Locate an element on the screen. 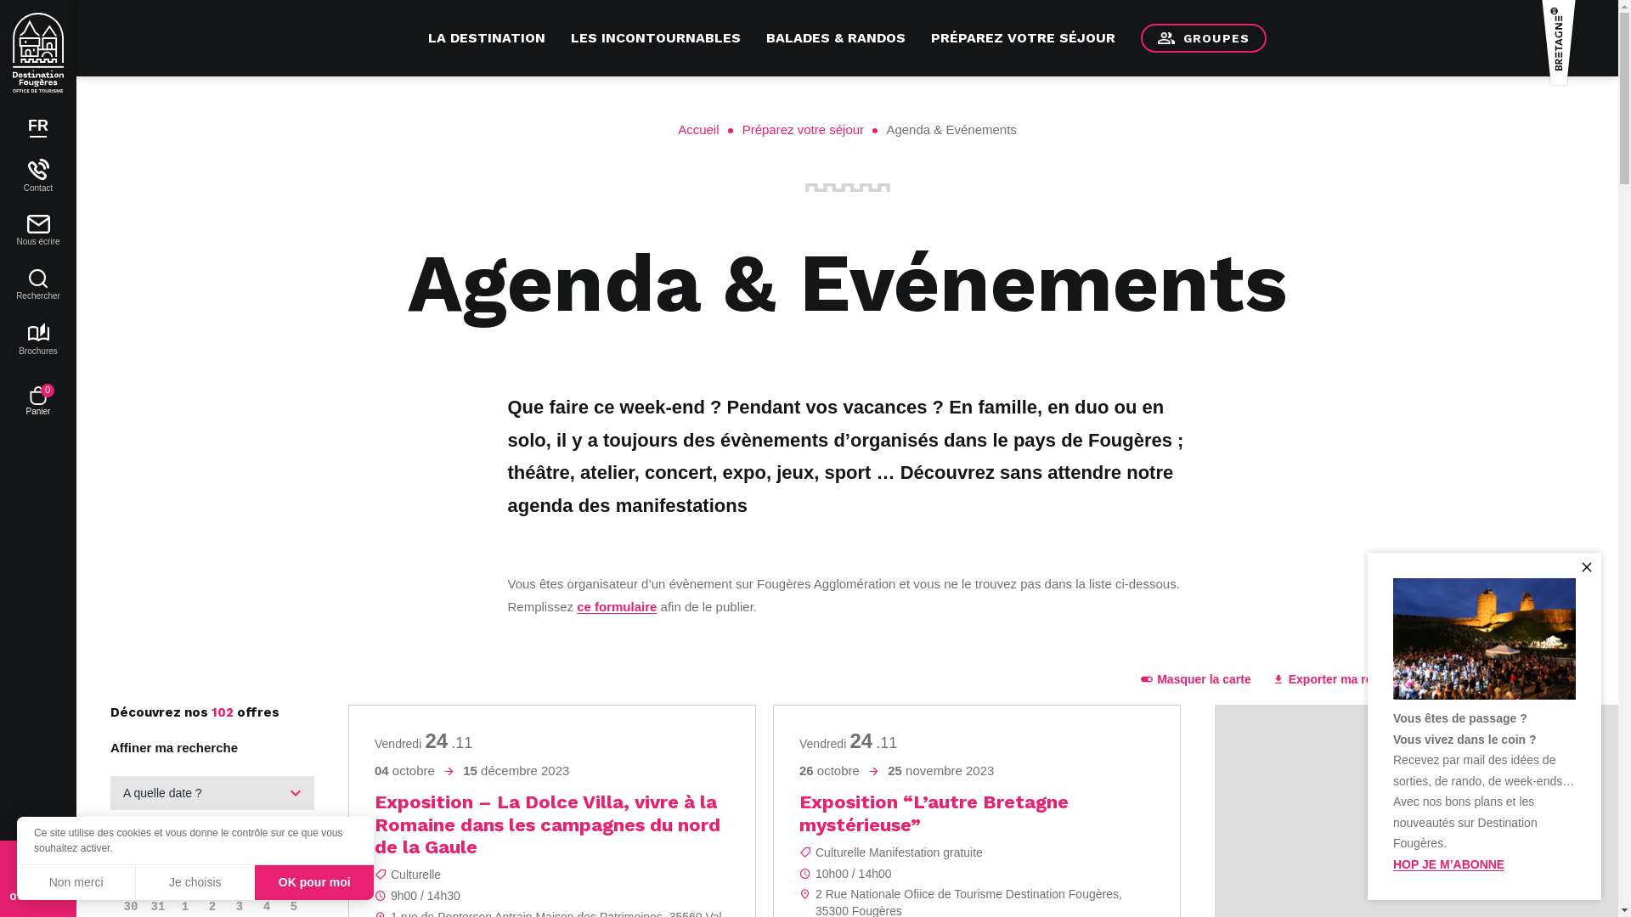 The image size is (1631, 917). 'Masquer la carte' is located at coordinates (1194, 678).